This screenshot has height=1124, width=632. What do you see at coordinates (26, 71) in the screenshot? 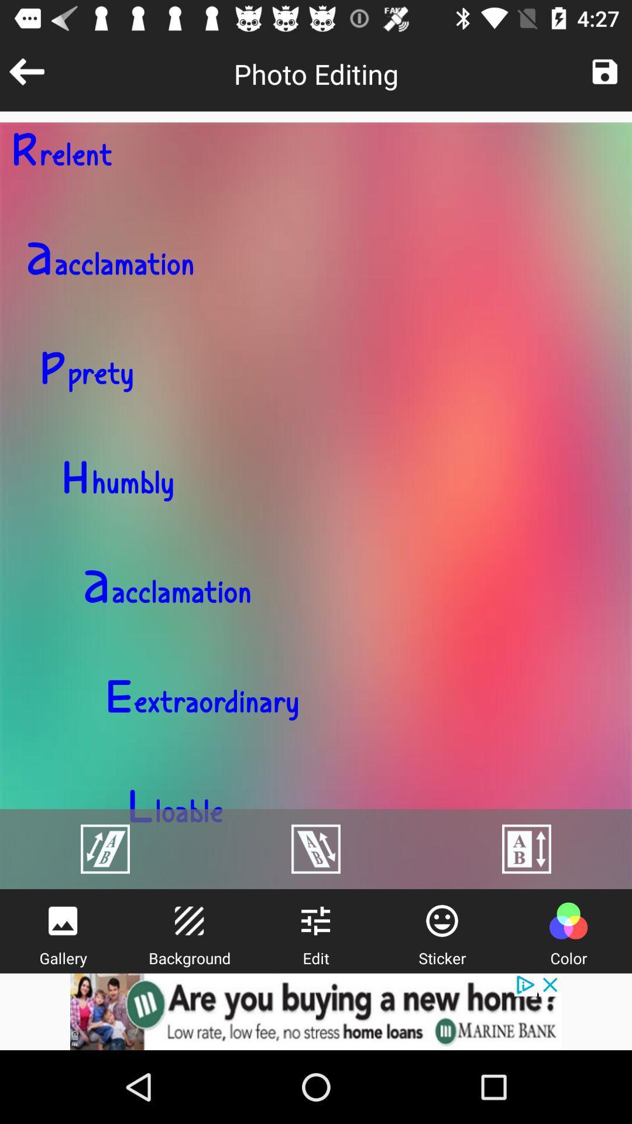
I see `the arrow_backward icon` at bounding box center [26, 71].